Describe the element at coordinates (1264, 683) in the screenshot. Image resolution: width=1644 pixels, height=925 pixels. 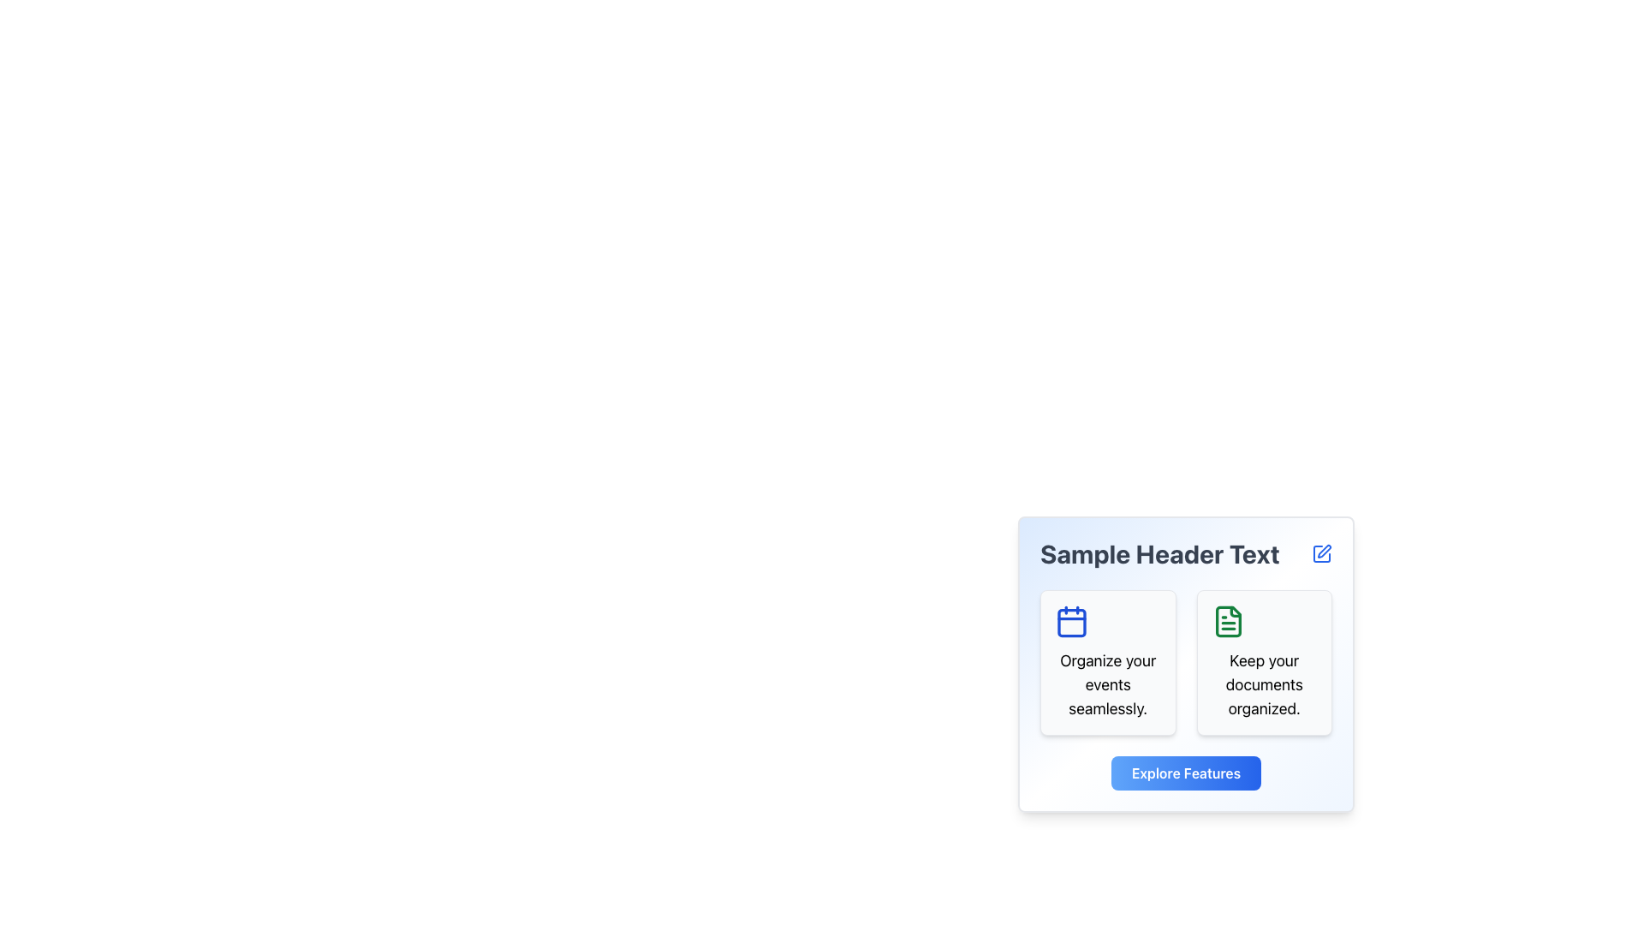
I see `the static text element that reads 'Keep your documents organized.' which is styled with a larger font size and positioned below a green document icon within a rounded card` at that location.